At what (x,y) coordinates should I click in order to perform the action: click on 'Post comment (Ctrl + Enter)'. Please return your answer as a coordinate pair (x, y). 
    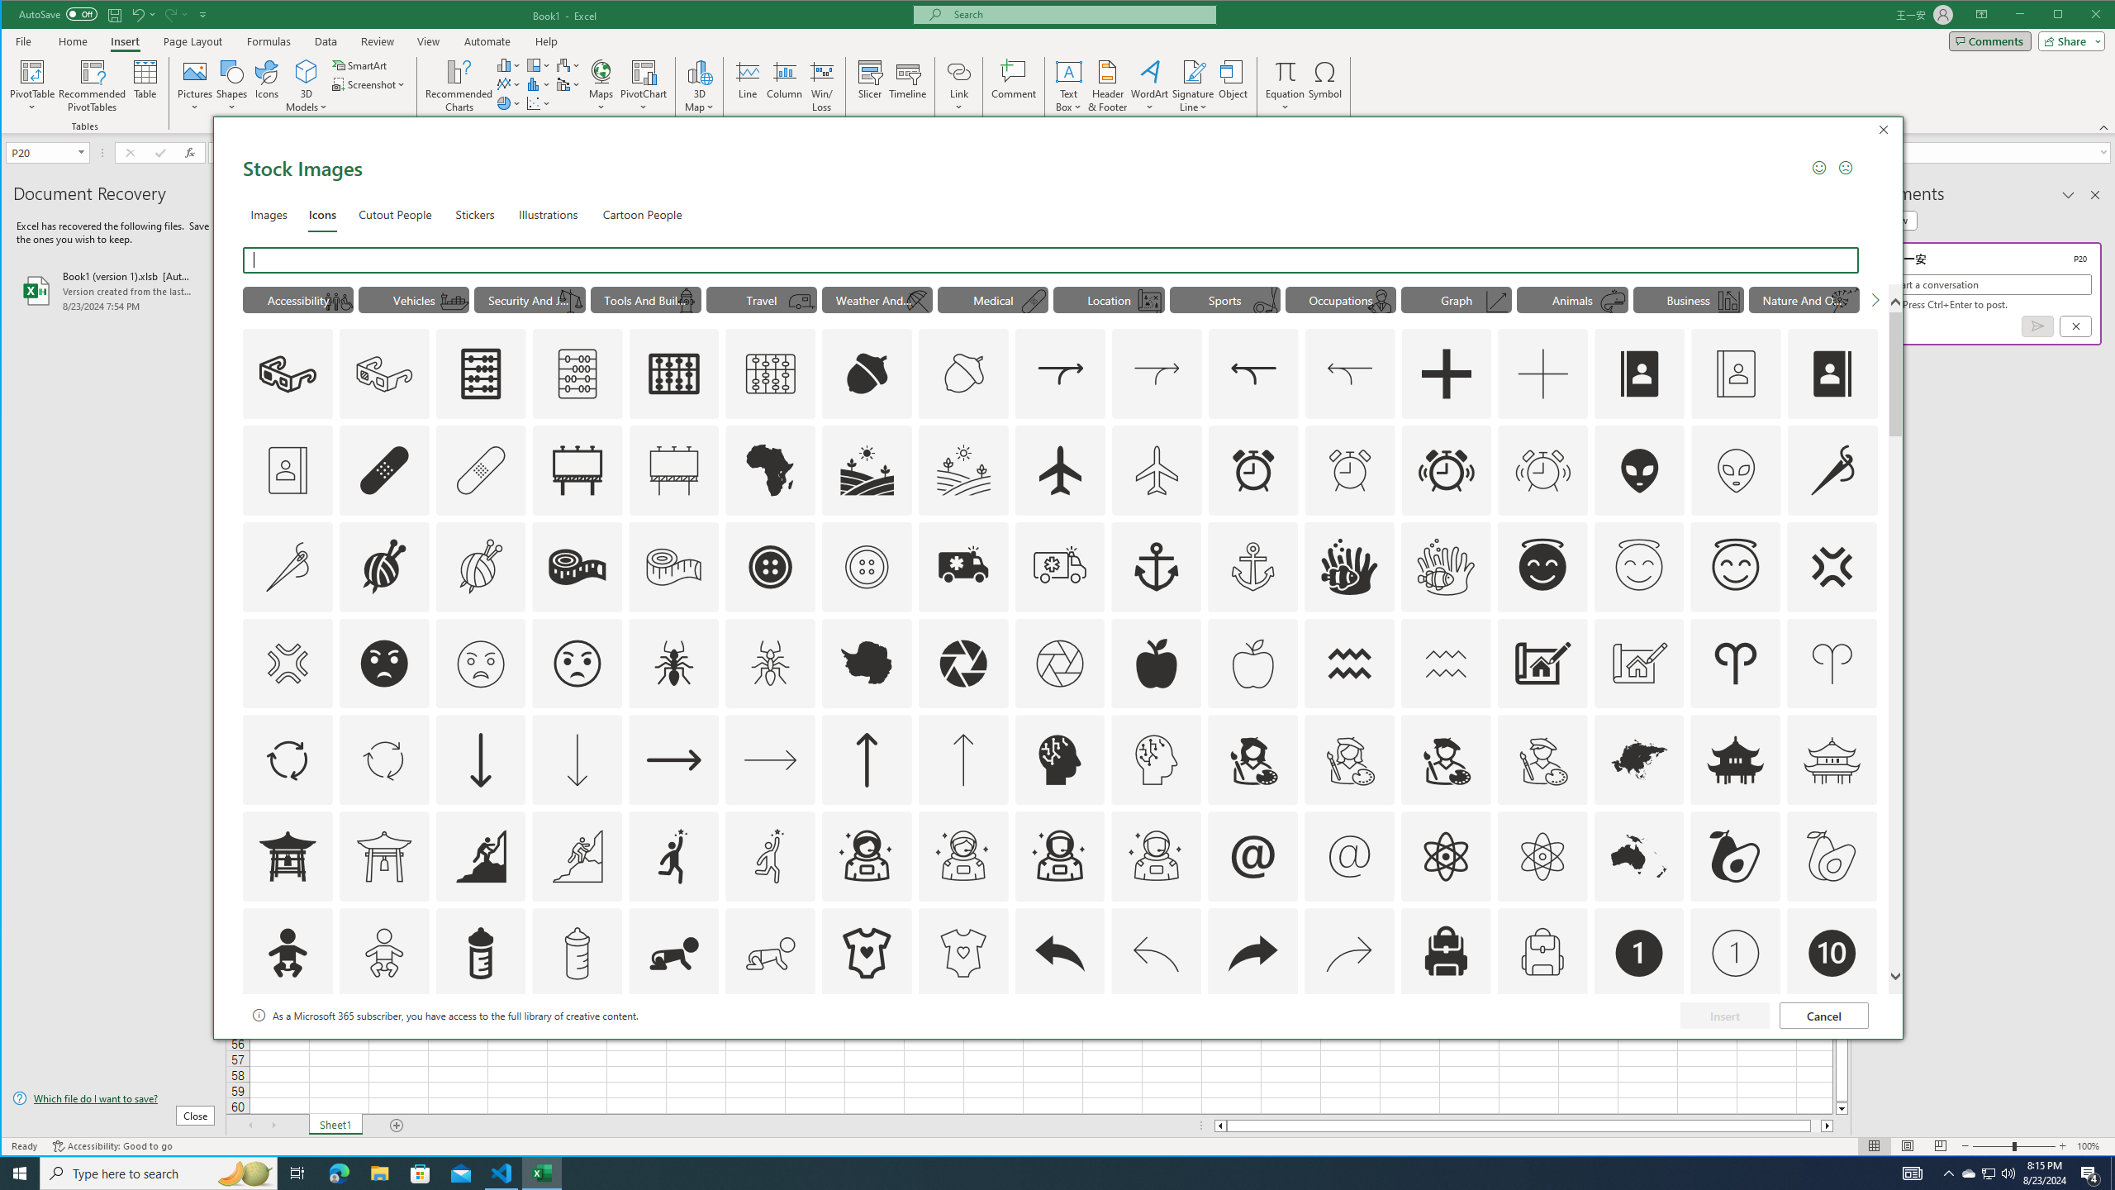
    Looking at the image, I should click on (2037, 326).